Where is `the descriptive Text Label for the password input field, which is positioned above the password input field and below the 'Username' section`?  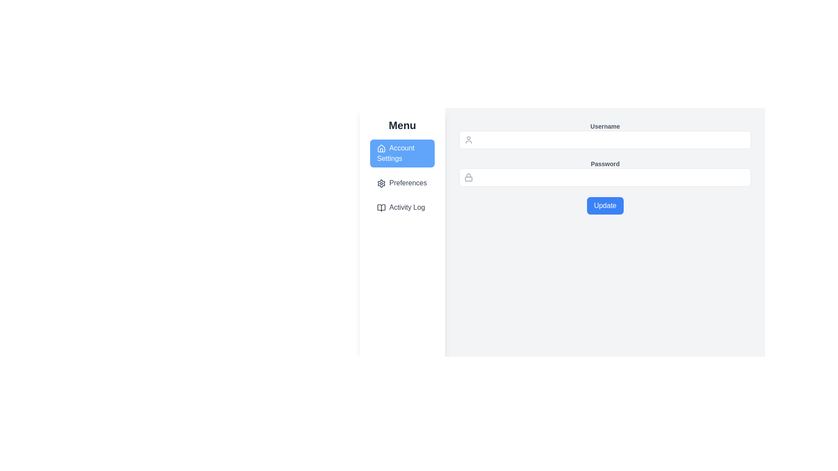
the descriptive Text Label for the password input field, which is positioned above the password input field and below the 'Username' section is located at coordinates (604, 164).